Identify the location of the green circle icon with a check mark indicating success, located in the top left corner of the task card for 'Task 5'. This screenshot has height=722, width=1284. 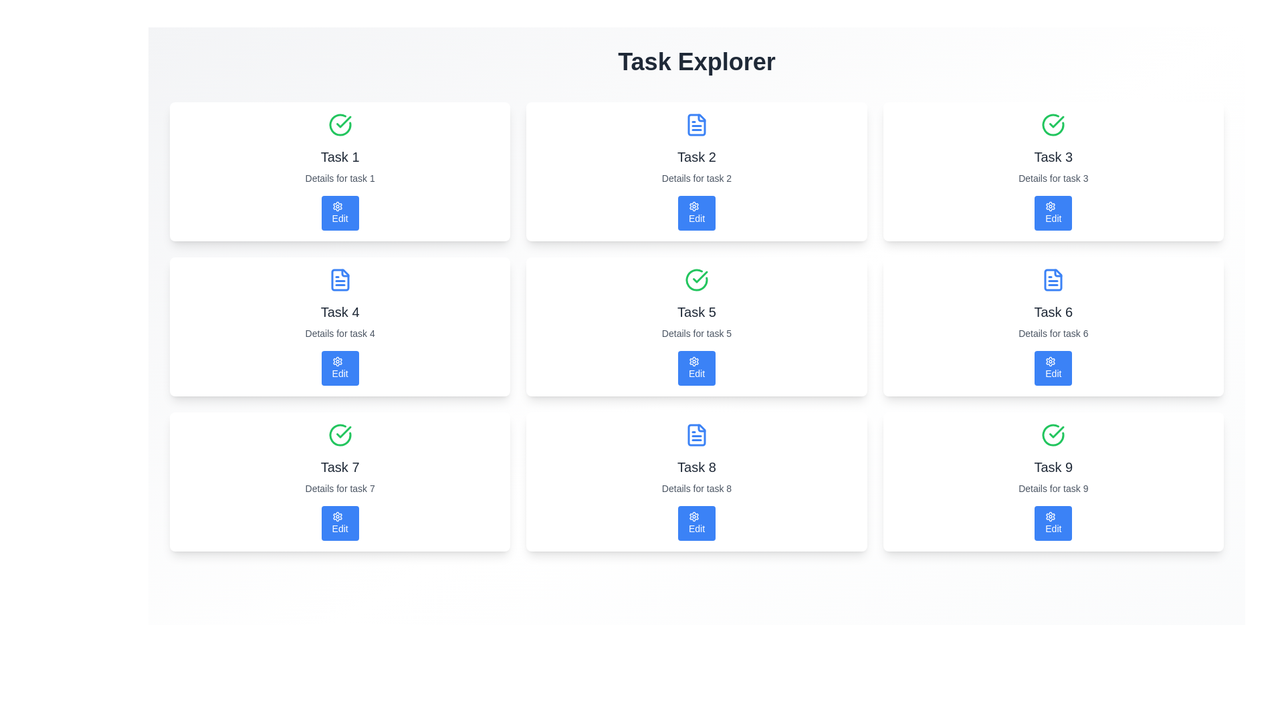
(695, 279).